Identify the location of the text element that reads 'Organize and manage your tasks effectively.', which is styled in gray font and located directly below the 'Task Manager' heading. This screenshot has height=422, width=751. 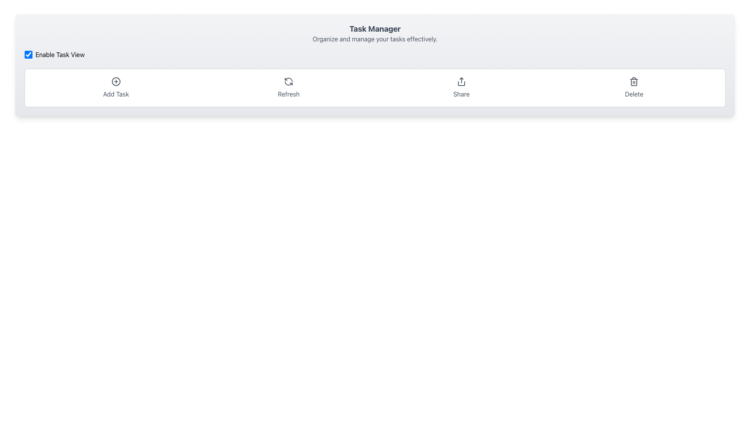
(375, 39).